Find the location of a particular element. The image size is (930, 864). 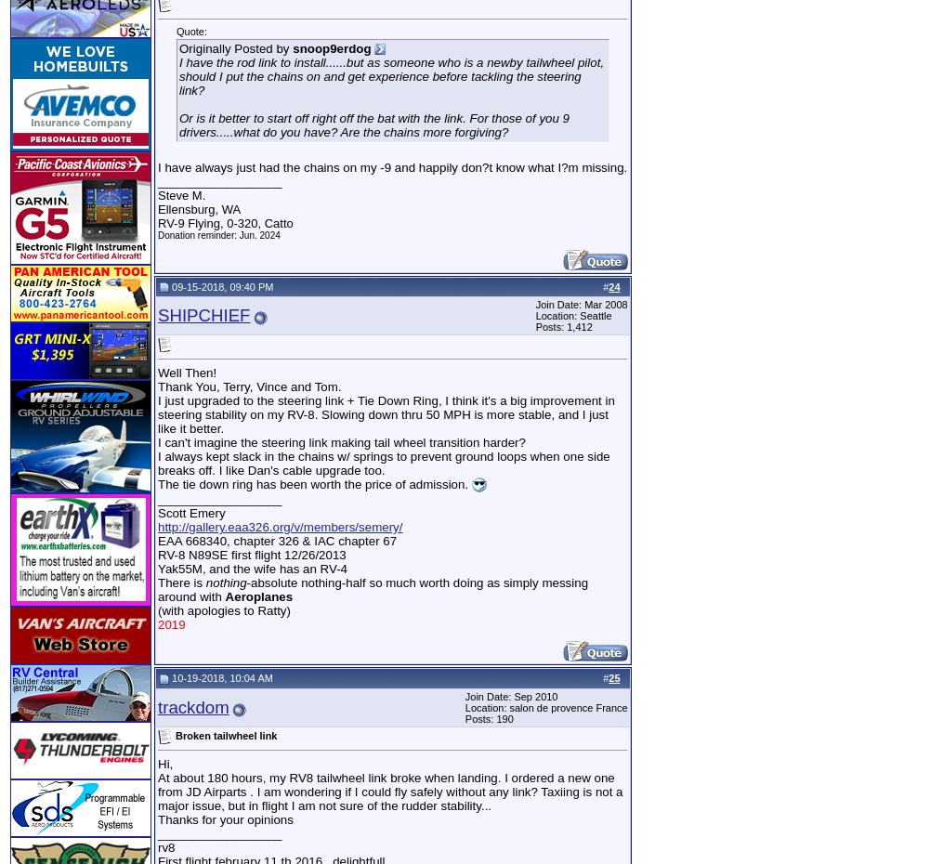

'snoop9erdog' is located at coordinates (293, 46).